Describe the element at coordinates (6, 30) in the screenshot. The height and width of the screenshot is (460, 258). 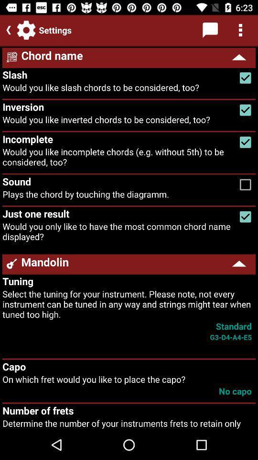
I see `the arrow_backward icon` at that location.